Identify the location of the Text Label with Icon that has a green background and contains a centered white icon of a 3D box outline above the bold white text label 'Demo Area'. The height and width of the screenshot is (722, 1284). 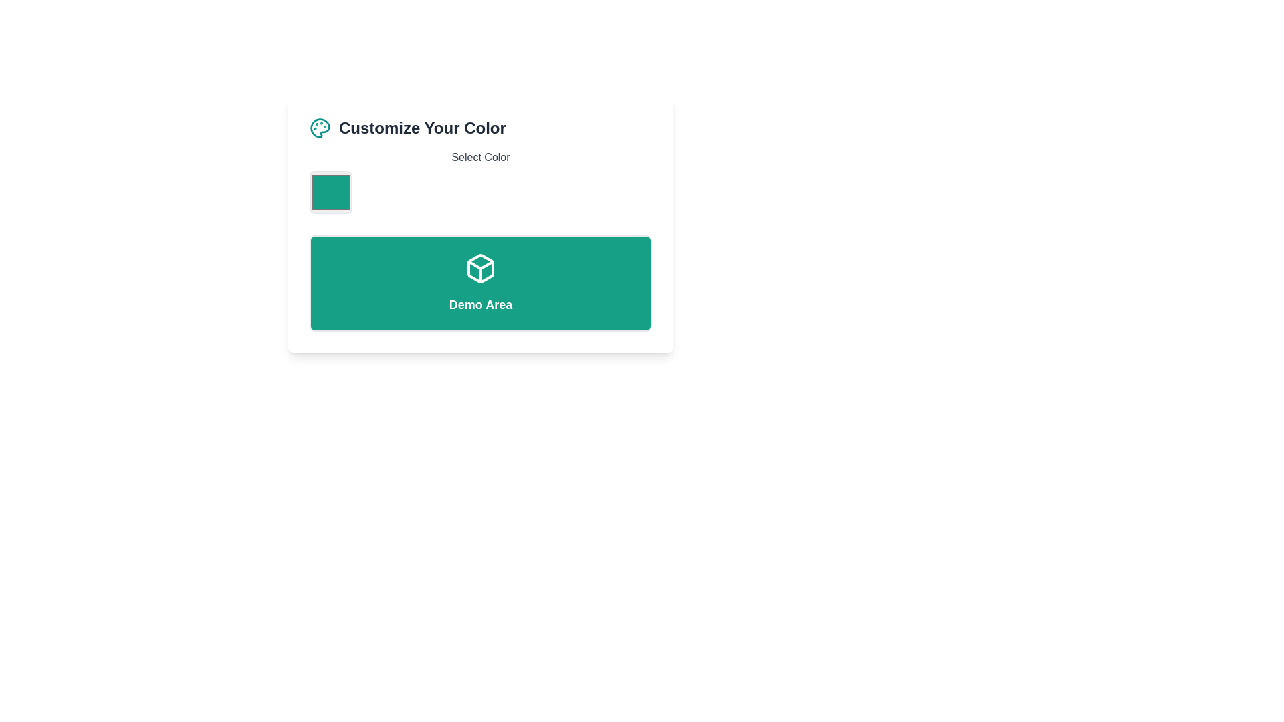
(481, 283).